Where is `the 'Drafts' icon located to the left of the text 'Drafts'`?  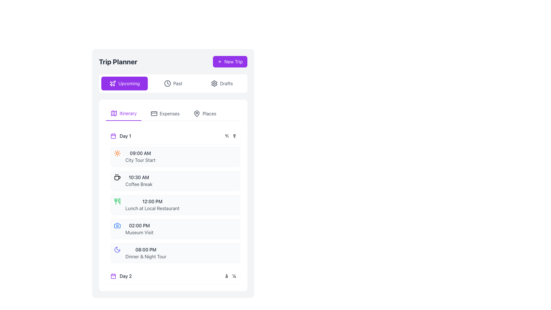
the 'Drafts' icon located to the left of the text 'Drafts' is located at coordinates (214, 83).